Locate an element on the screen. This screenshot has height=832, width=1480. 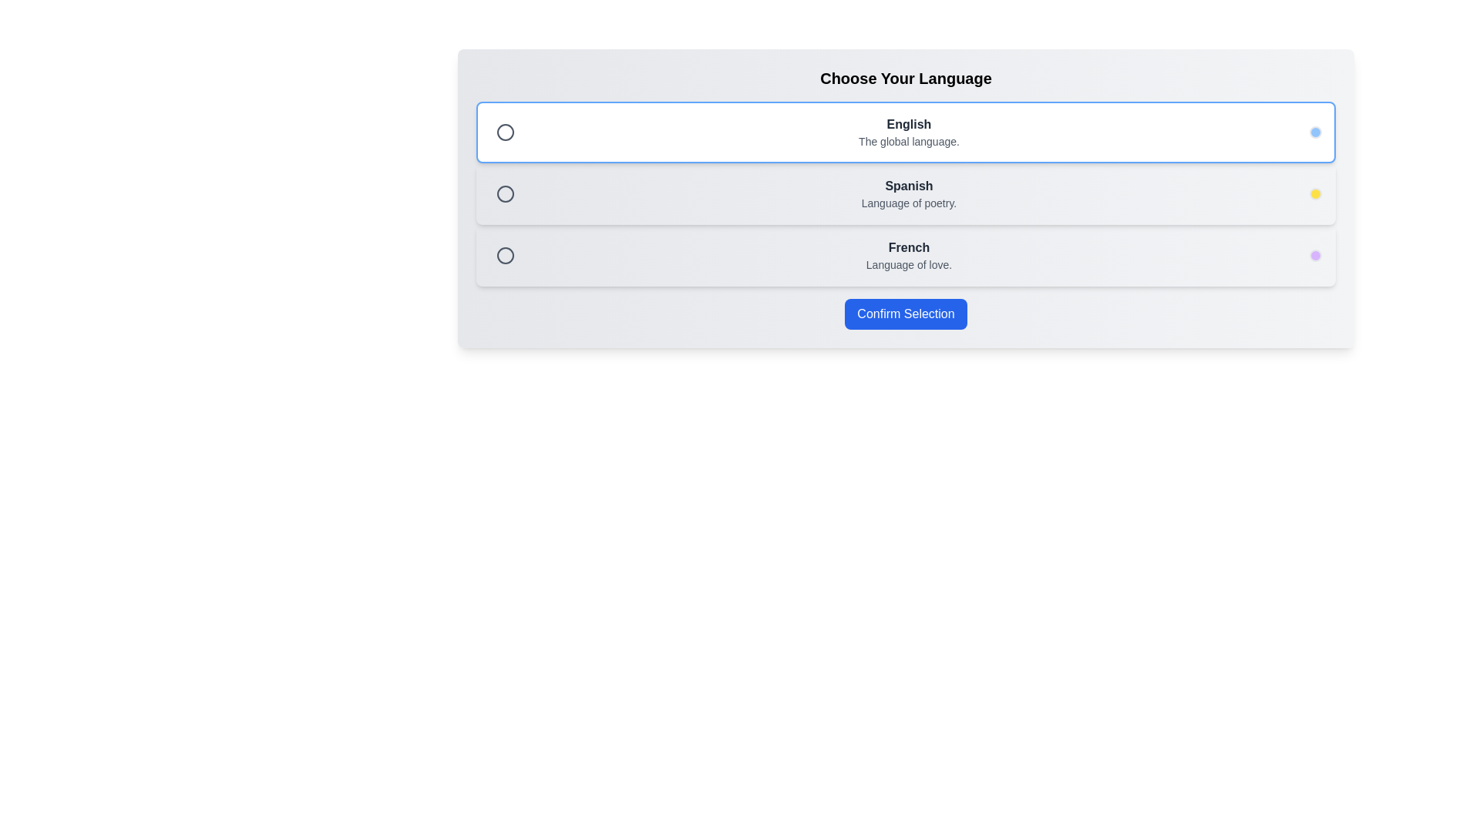
the descriptive text label for the 'Spanish' language option, which is positioned below the bold text 'Spanish' and above the 'French' option is located at coordinates (909, 202).